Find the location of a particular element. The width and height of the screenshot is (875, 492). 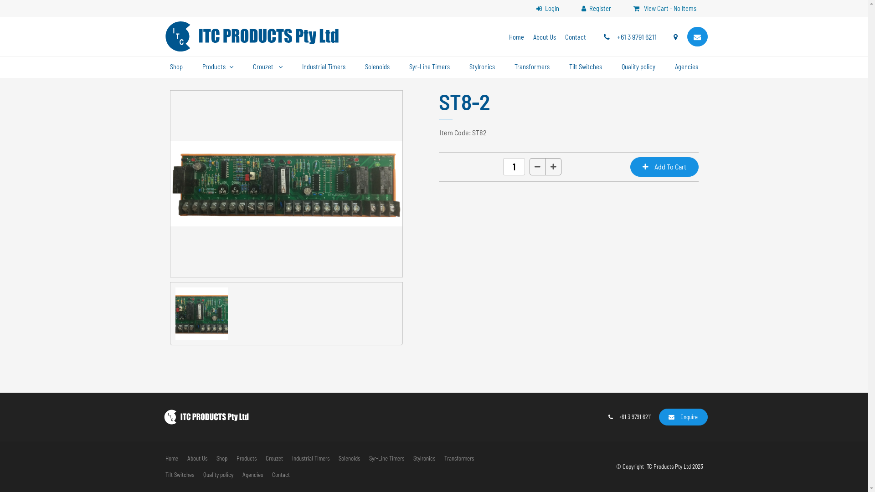

'Industrial Timers' is located at coordinates (310, 458).